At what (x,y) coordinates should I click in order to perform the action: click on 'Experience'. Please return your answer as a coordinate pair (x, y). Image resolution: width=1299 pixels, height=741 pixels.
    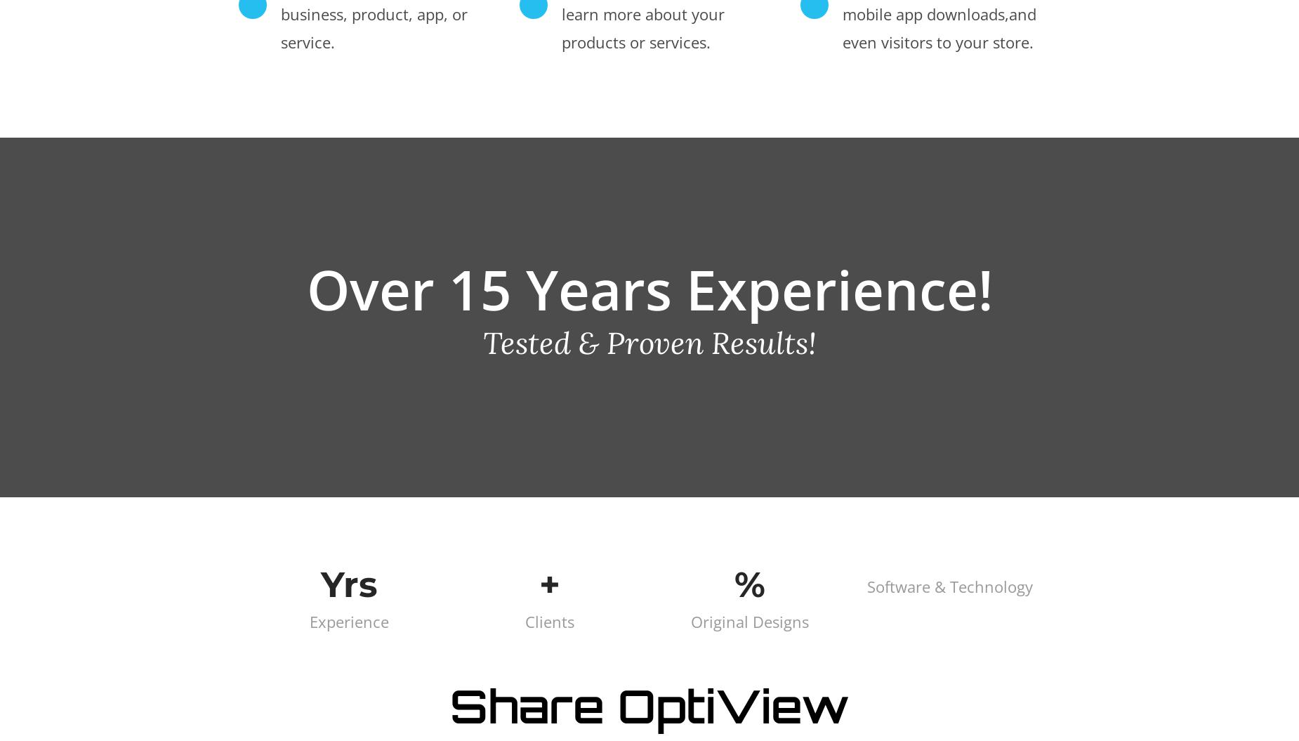
    Looking at the image, I should click on (349, 619).